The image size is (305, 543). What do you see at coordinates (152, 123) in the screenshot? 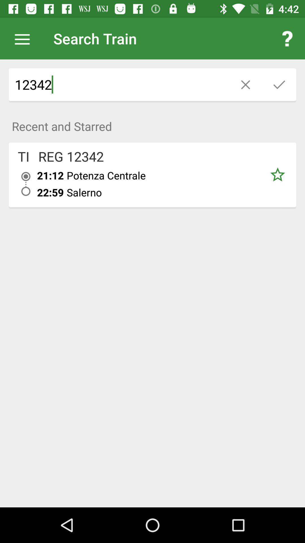
I see `icon above ti item` at bounding box center [152, 123].